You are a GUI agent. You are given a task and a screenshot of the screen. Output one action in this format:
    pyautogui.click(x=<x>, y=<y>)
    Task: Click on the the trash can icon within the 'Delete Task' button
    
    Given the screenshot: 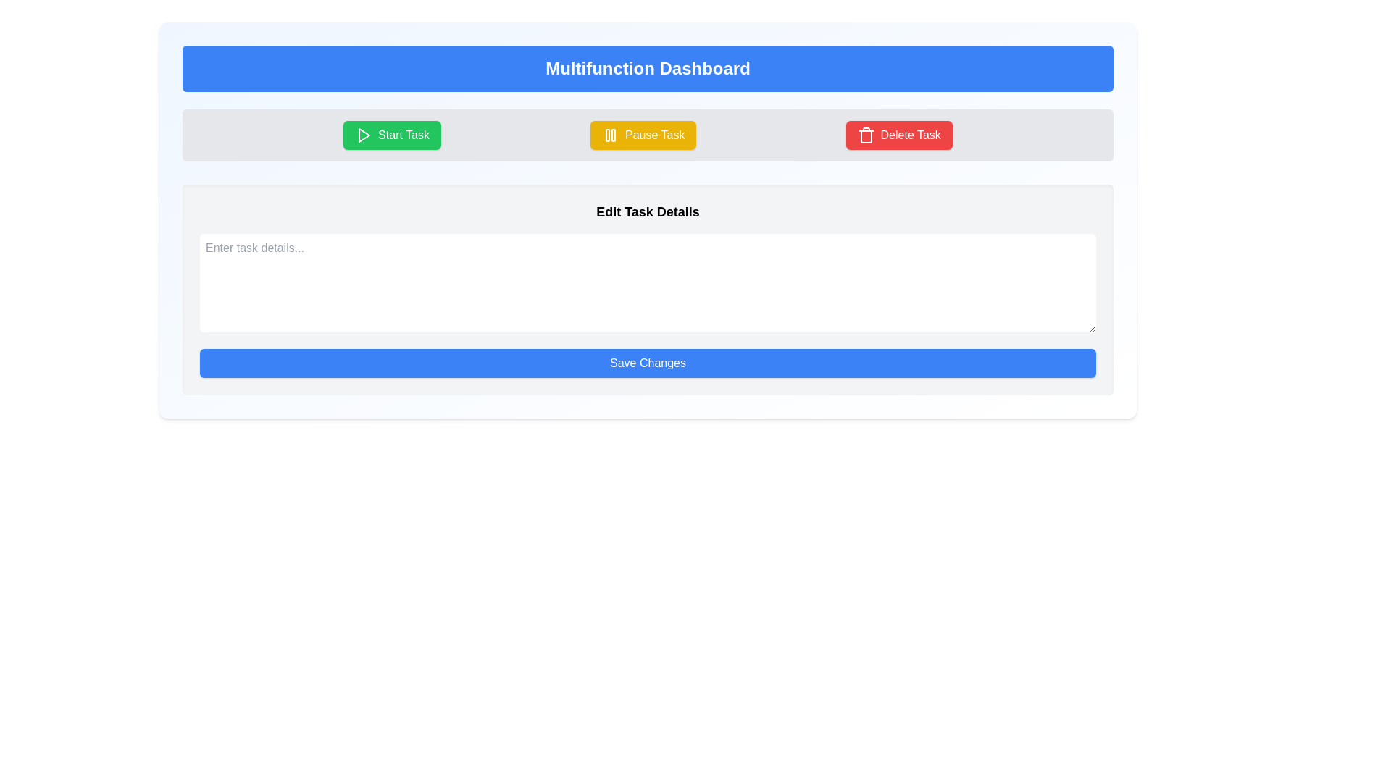 What is the action you would take?
    pyautogui.click(x=866, y=135)
    